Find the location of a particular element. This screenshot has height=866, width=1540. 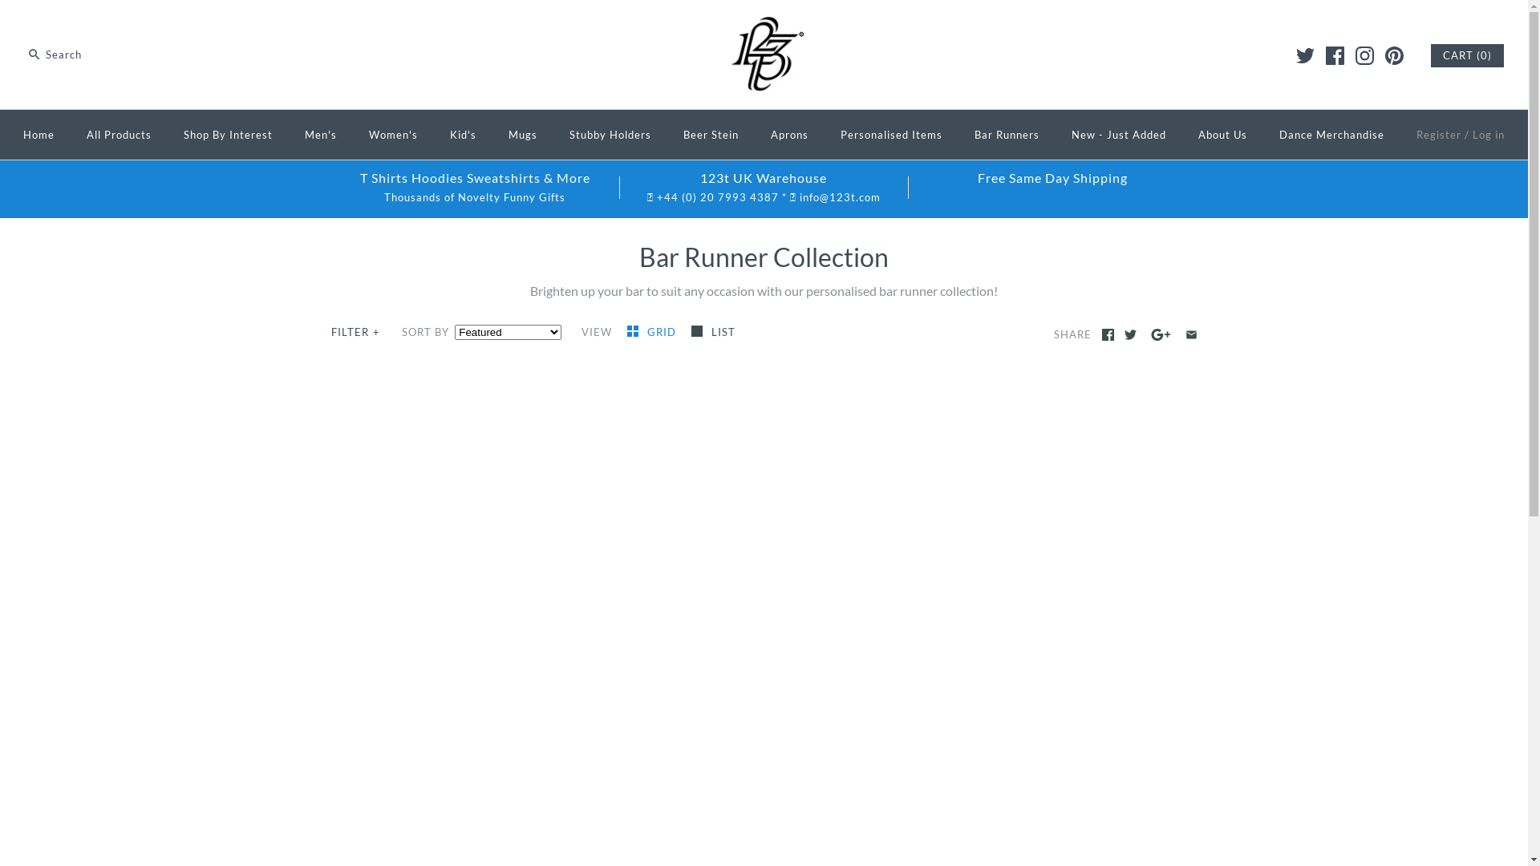

'Email' is located at coordinates (1191, 334).